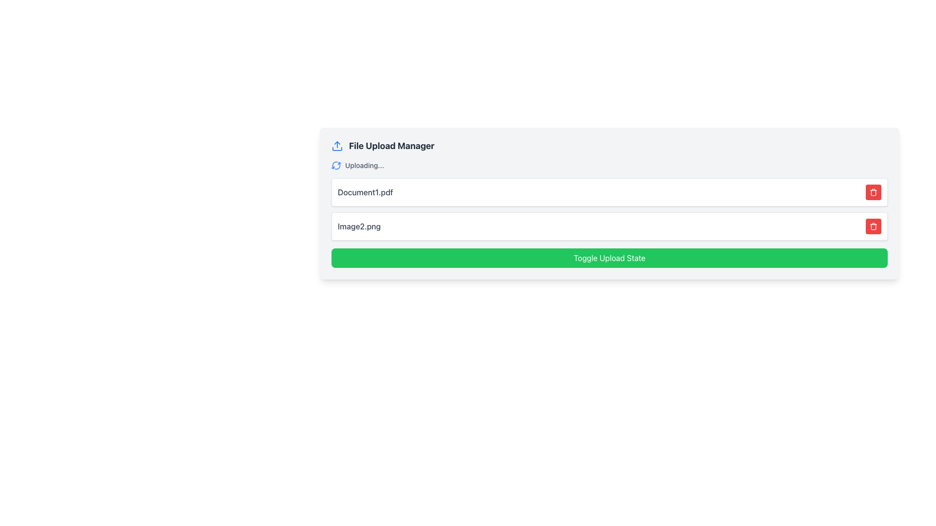  What do you see at coordinates (873, 192) in the screenshot?
I see `the delete icon located in the top-right corner of the small red button` at bounding box center [873, 192].